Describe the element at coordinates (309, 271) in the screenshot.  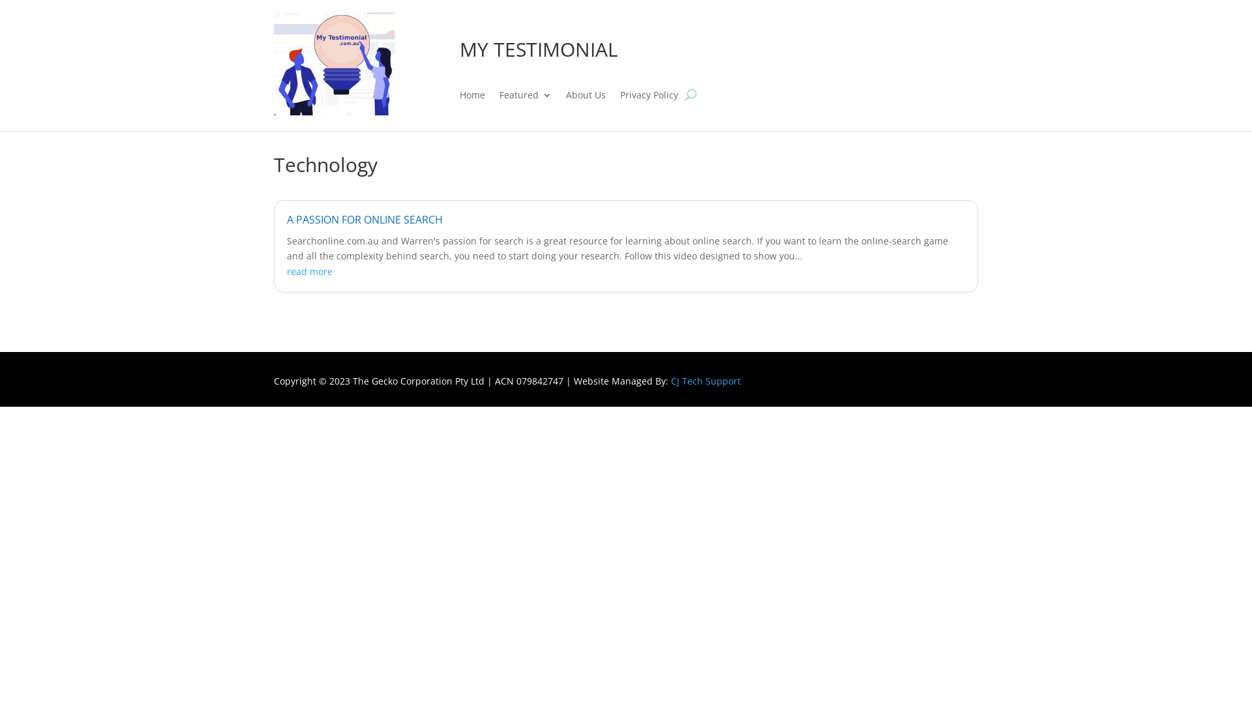
I see `'read more'` at that location.